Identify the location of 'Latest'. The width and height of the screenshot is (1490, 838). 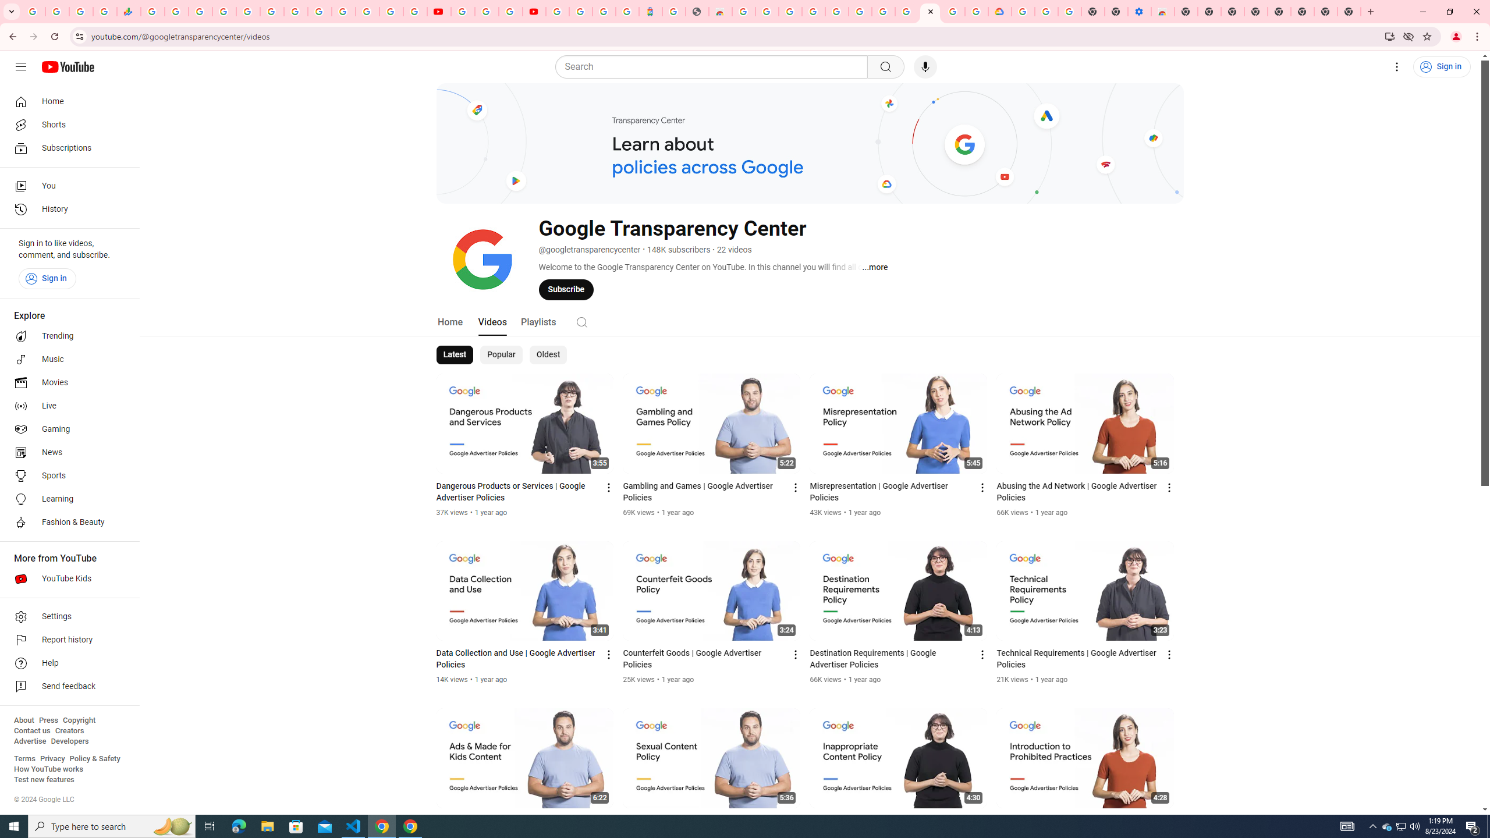
(455, 354).